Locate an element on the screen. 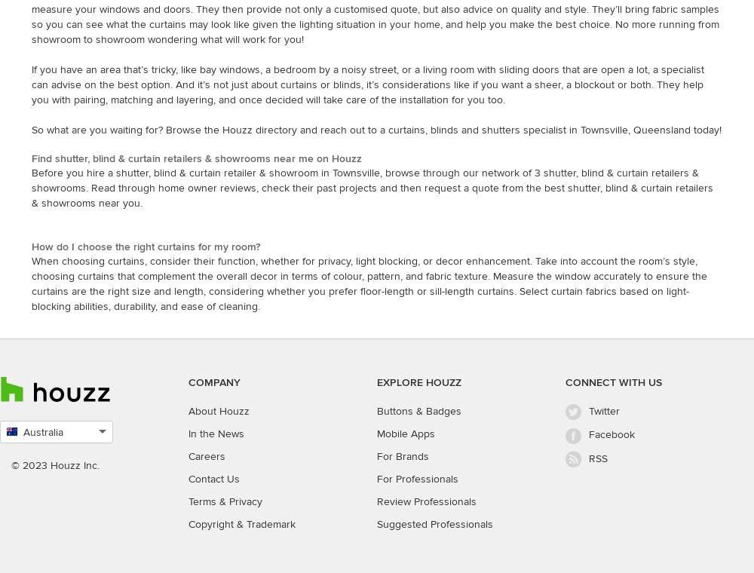 Image resolution: width=754 pixels, height=573 pixels. 'Contact Us' is located at coordinates (188, 478).